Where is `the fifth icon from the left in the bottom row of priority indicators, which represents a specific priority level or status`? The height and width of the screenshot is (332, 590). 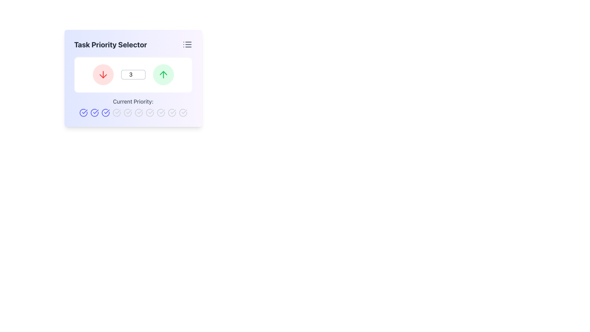
the fifth icon from the left in the bottom row of priority indicators, which represents a specific priority level or status is located at coordinates (161, 113).